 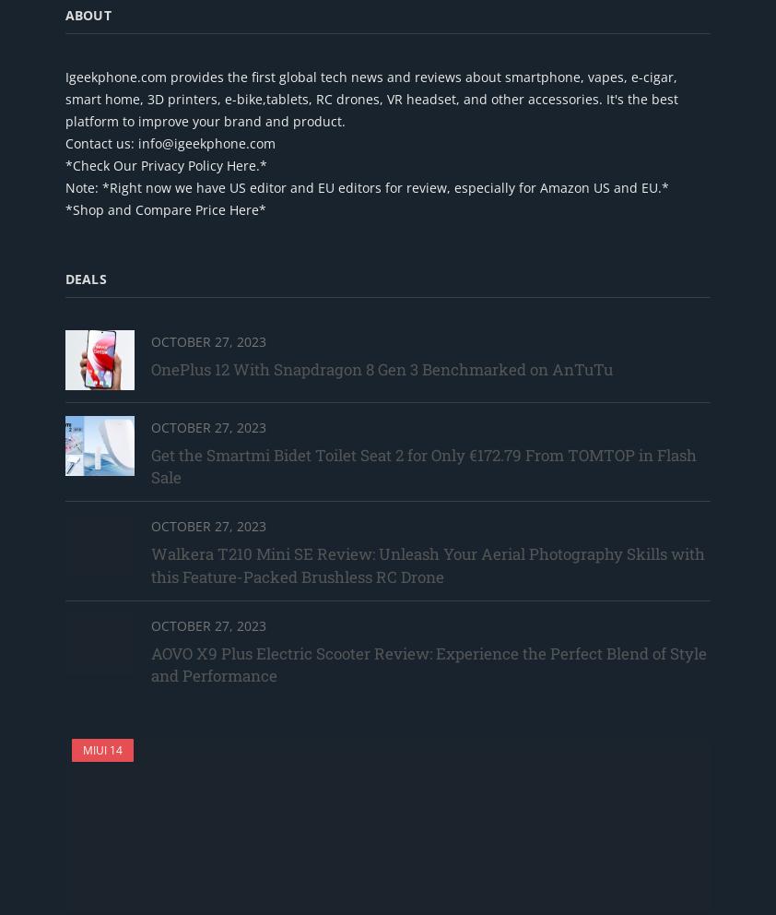 What do you see at coordinates (367, 185) in the screenshot?
I see `'Note: *Right now we have US editor and EU editors for review, especially for Amazon US and EU.*'` at bounding box center [367, 185].